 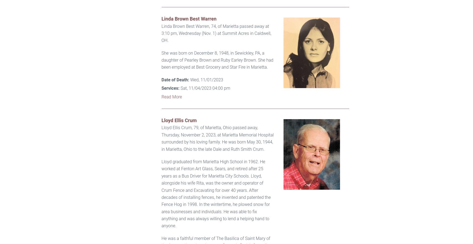 What do you see at coordinates (189, 19) in the screenshot?
I see `'Linda Brown Best Warren'` at bounding box center [189, 19].